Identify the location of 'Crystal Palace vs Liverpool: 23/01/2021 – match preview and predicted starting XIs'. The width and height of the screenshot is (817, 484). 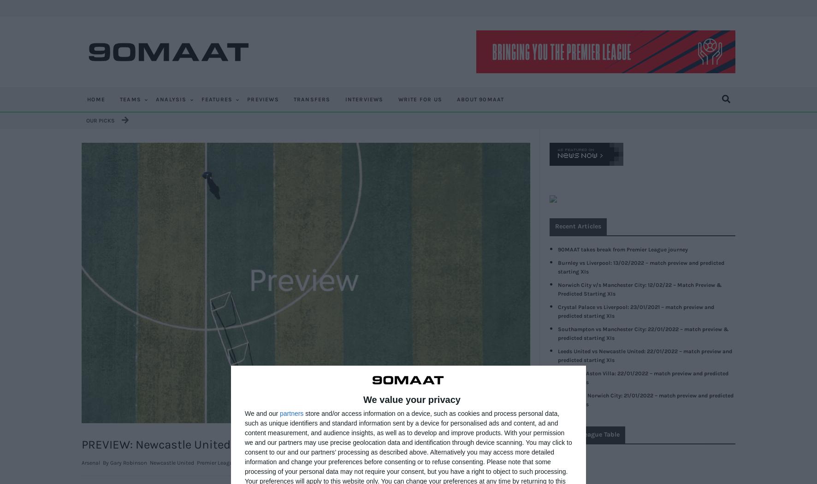
(557, 311).